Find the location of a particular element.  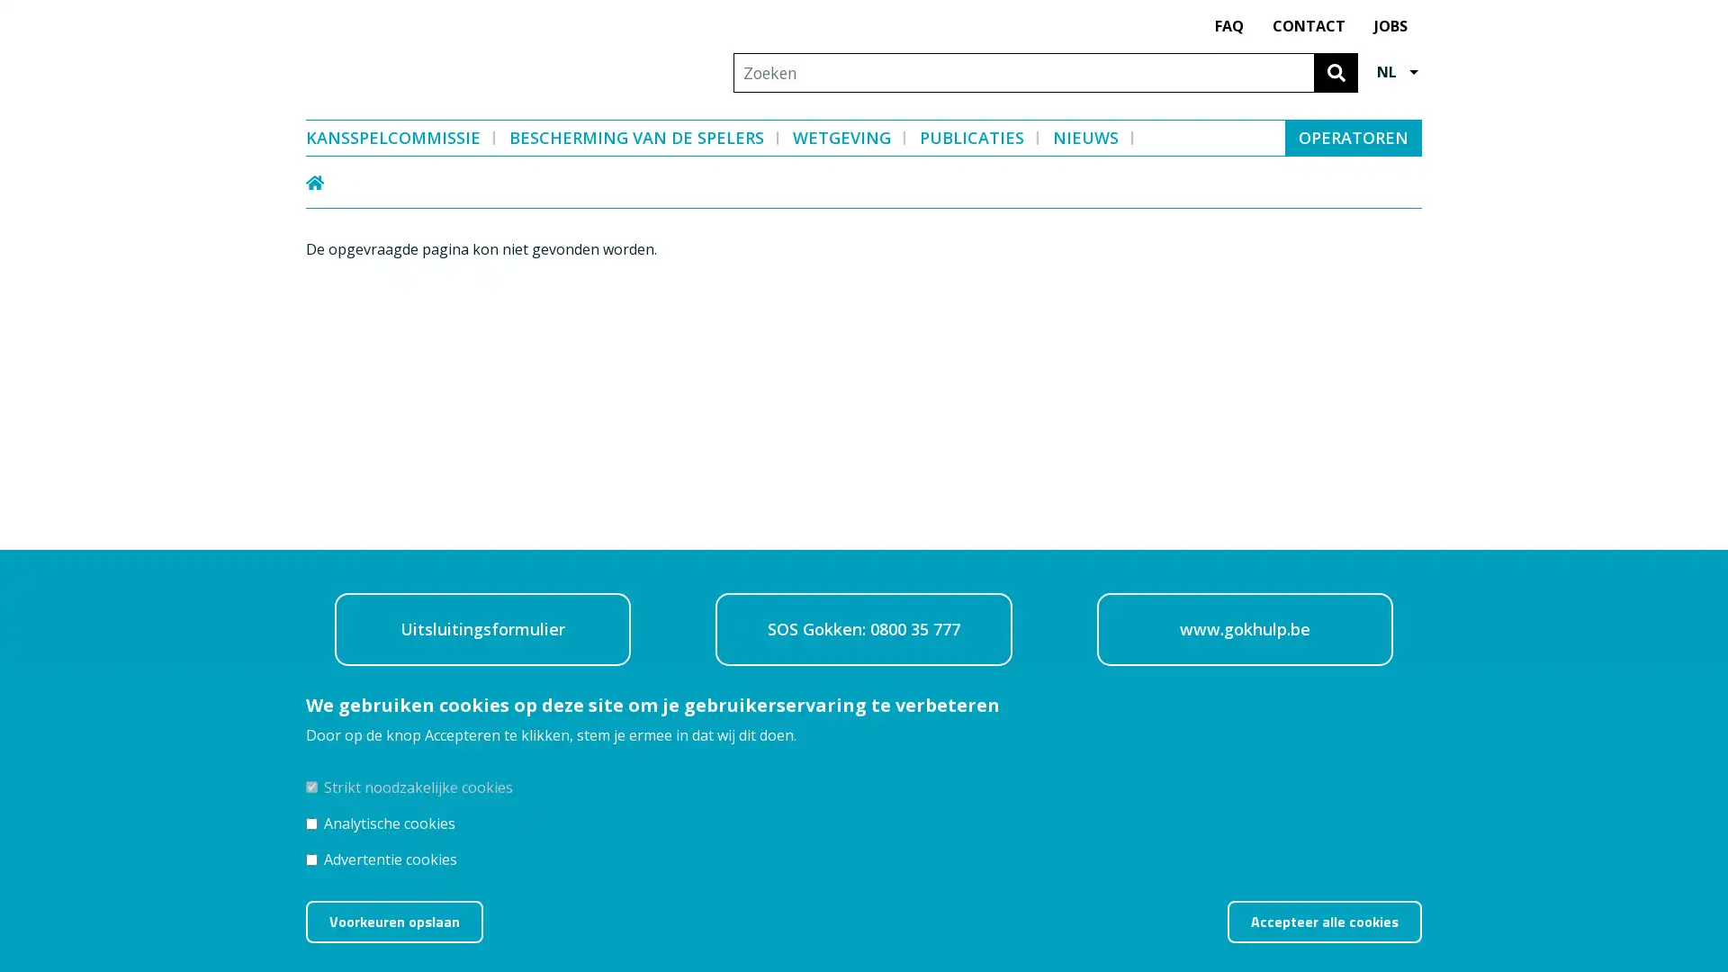

Other languages is located at coordinates (1415, 71).